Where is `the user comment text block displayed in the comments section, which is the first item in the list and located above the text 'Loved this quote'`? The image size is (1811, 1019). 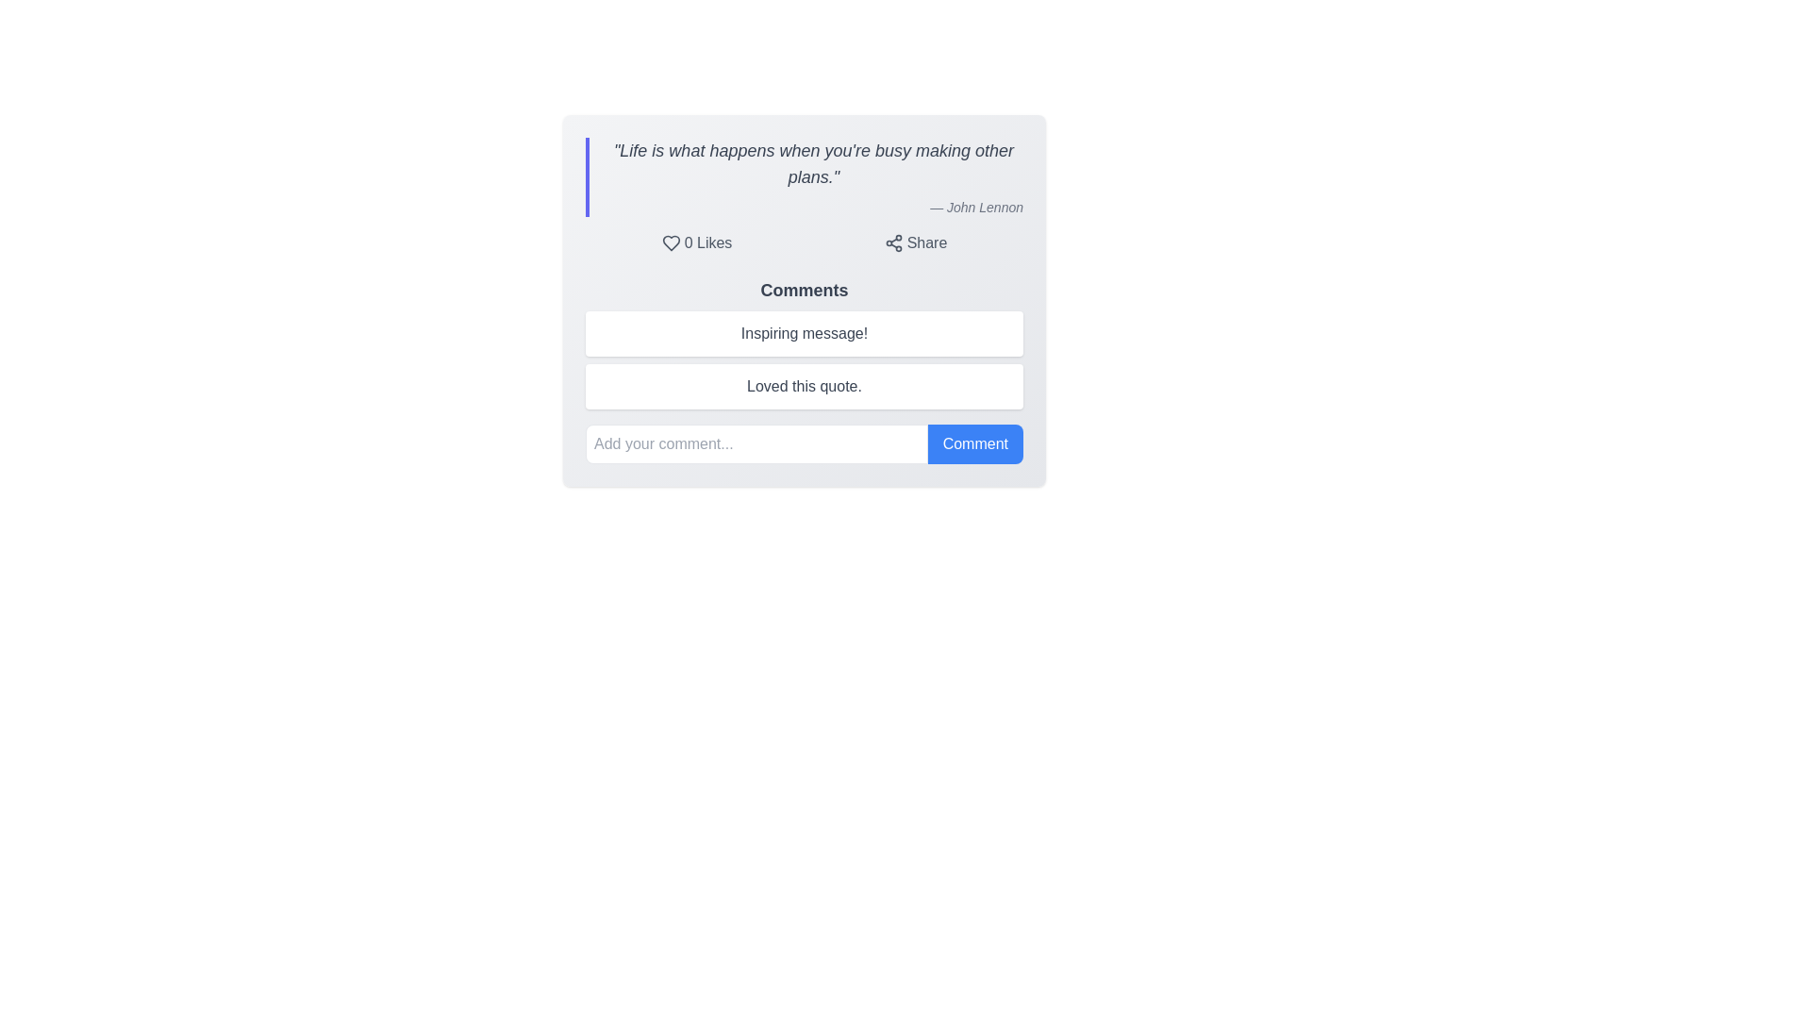 the user comment text block displayed in the comments section, which is the first item in the list and located above the text 'Loved this quote' is located at coordinates (805, 333).